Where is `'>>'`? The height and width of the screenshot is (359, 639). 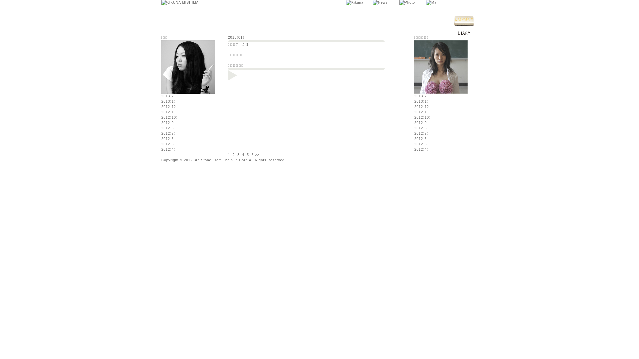 '>>' is located at coordinates (255, 155).